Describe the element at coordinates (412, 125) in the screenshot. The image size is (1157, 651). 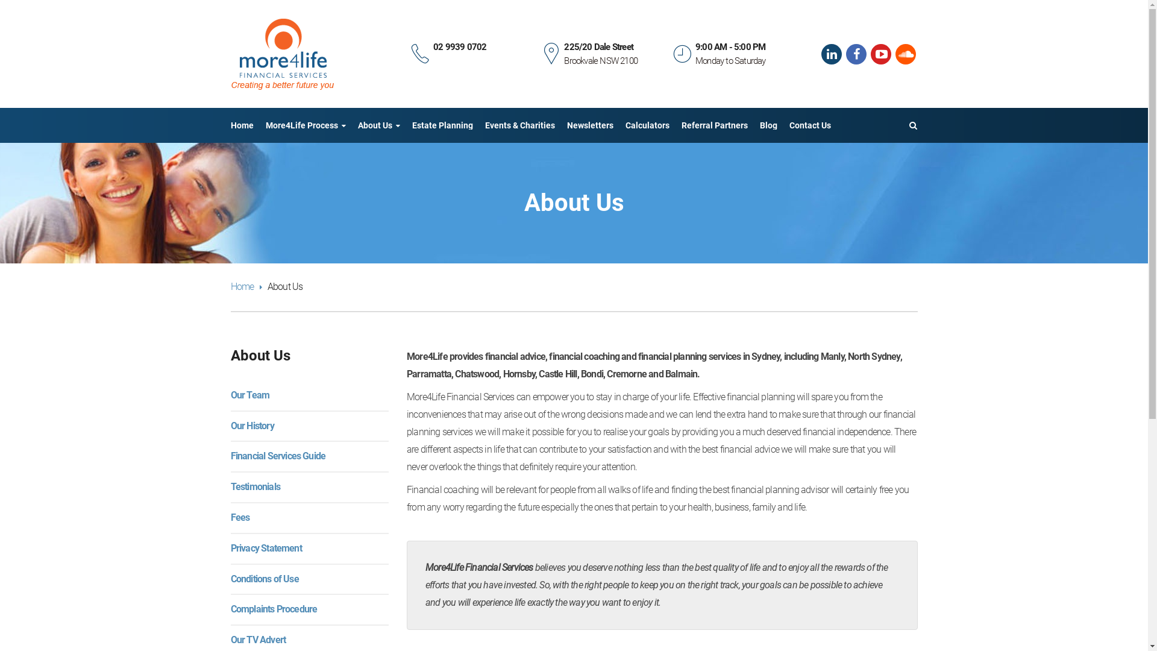
I see `'Estate Planning'` at that location.